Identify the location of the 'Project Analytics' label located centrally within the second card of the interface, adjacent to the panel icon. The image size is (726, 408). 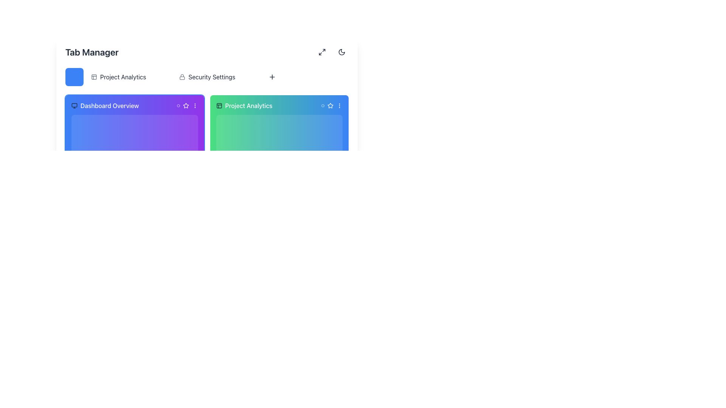
(248, 106).